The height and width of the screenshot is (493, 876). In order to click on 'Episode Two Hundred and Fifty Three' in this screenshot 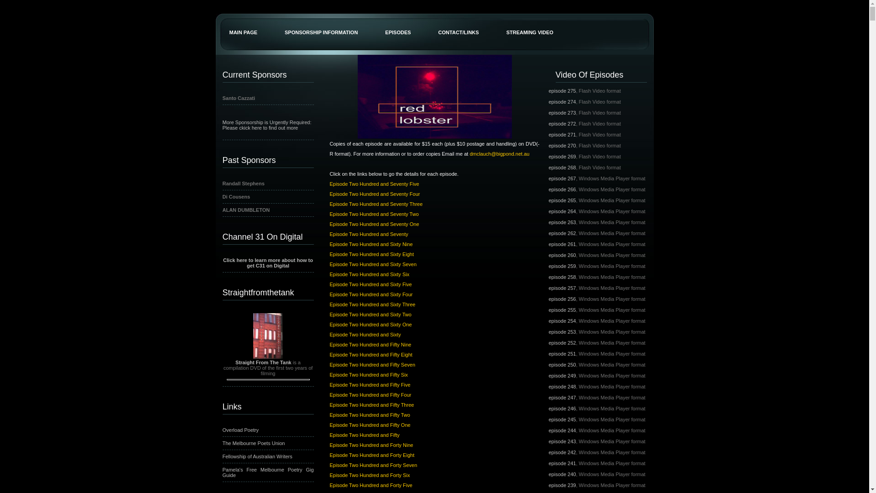, I will do `click(371, 404)`.